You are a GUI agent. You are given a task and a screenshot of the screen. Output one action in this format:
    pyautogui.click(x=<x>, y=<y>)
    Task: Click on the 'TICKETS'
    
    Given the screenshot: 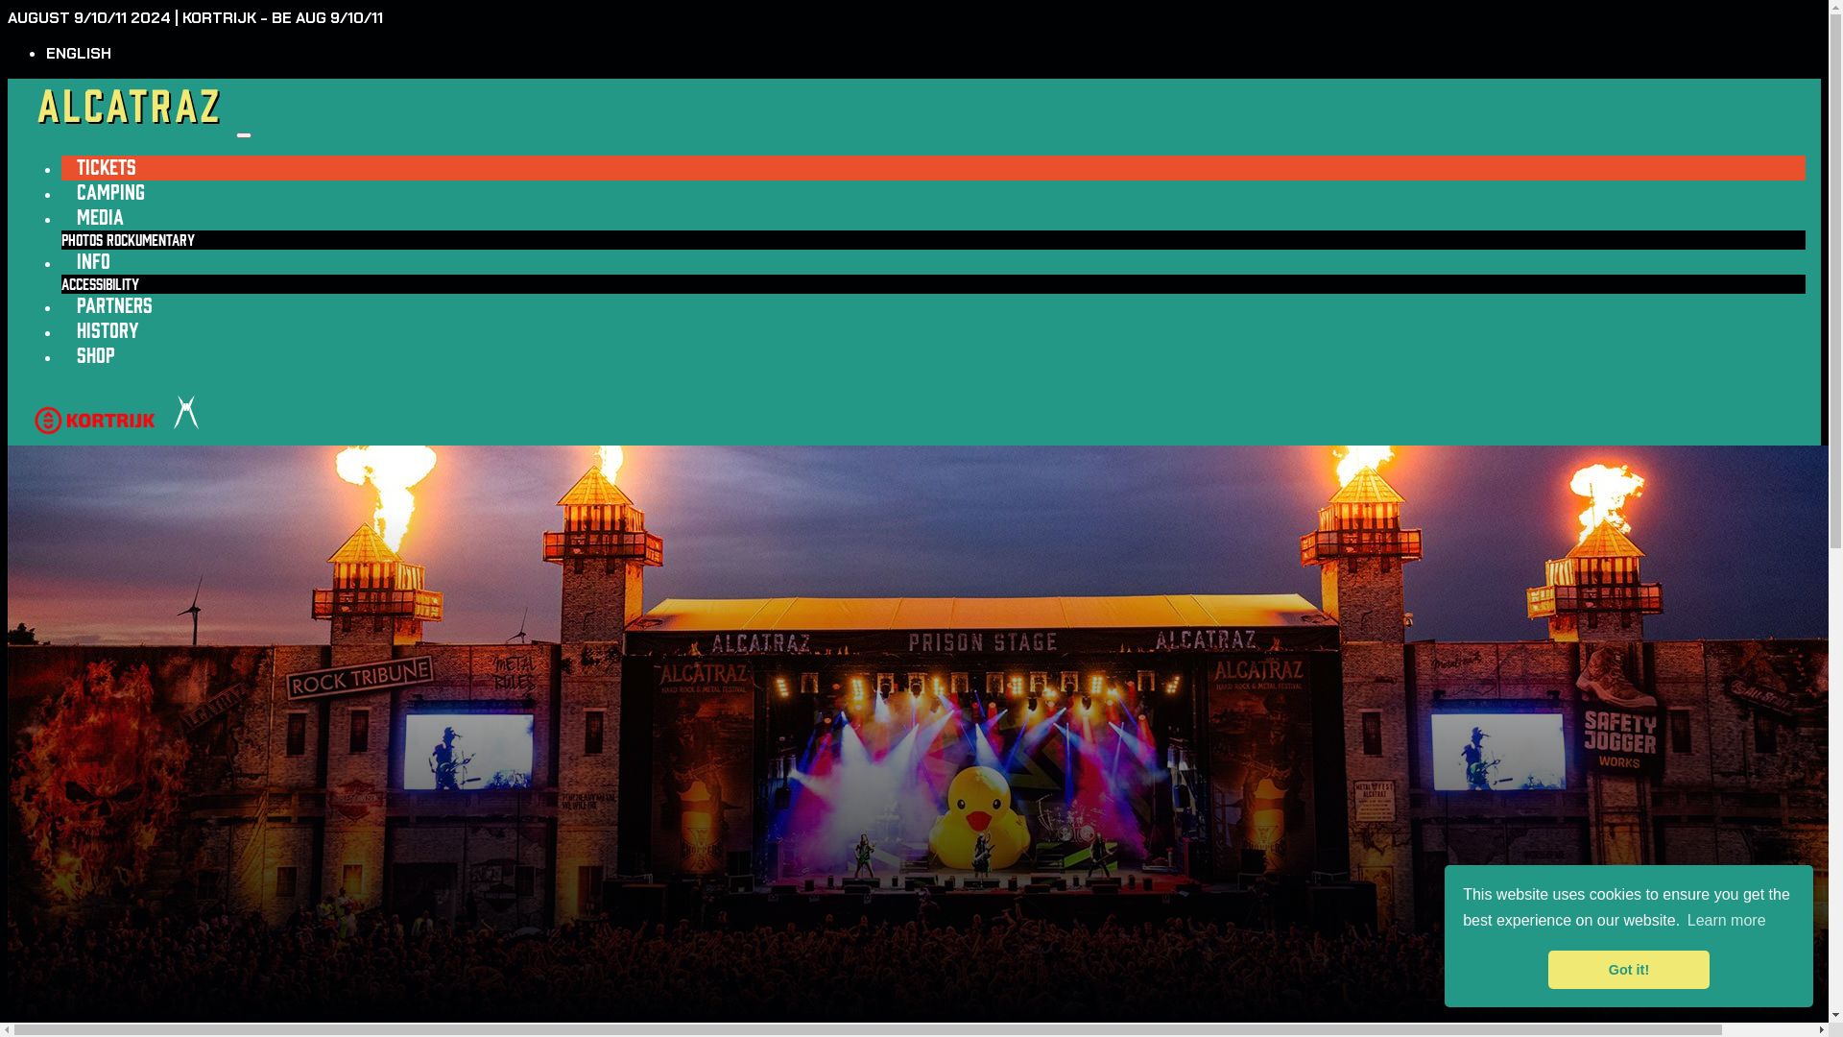 What is the action you would take?
    pyautogui.click(x=105, y=166)
    